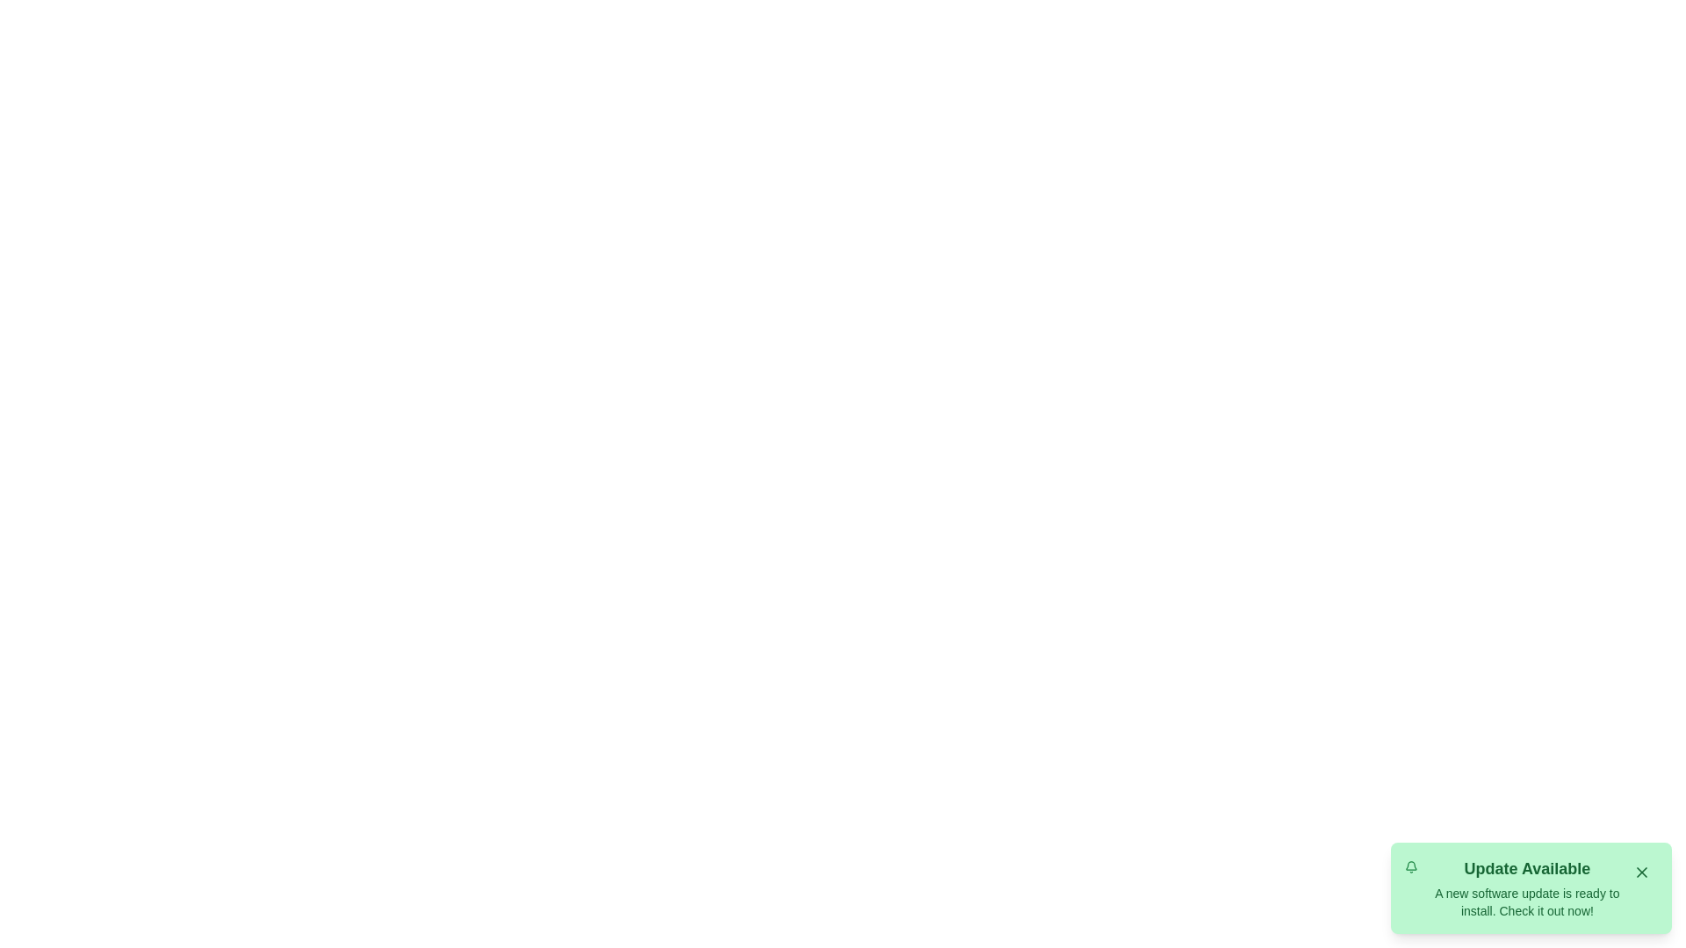 The height and width of the screenshot is (948, 1686). What do you see at coordinates (1526, 869) in the screenshot?
I see `the Text Label that serves as a heading for the notification box, indicating the availability of an update` at bounding box center [1526, 869].